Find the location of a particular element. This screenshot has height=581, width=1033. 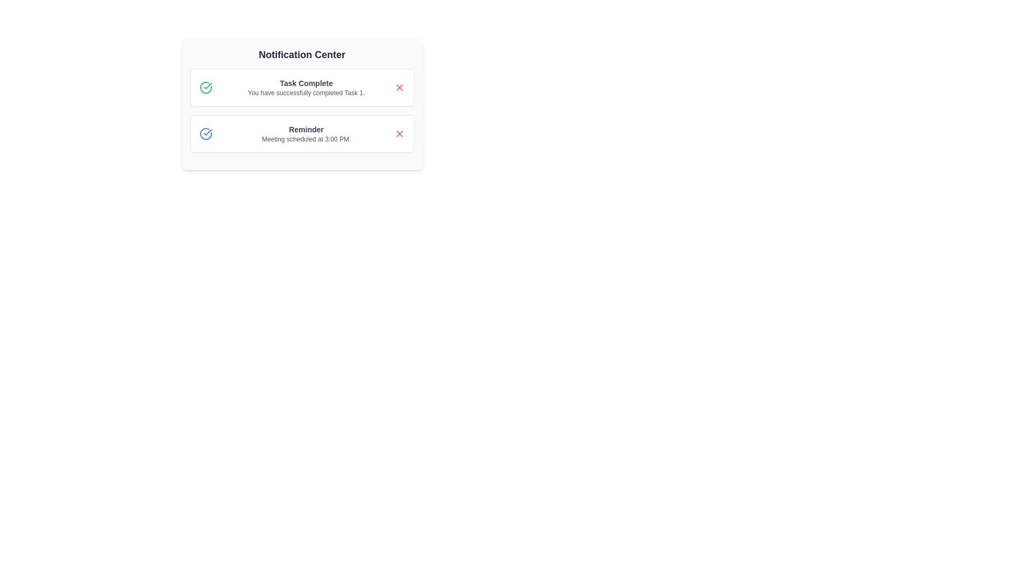

the Notification block located in the Notification Center is located at coordinates (301, 110).